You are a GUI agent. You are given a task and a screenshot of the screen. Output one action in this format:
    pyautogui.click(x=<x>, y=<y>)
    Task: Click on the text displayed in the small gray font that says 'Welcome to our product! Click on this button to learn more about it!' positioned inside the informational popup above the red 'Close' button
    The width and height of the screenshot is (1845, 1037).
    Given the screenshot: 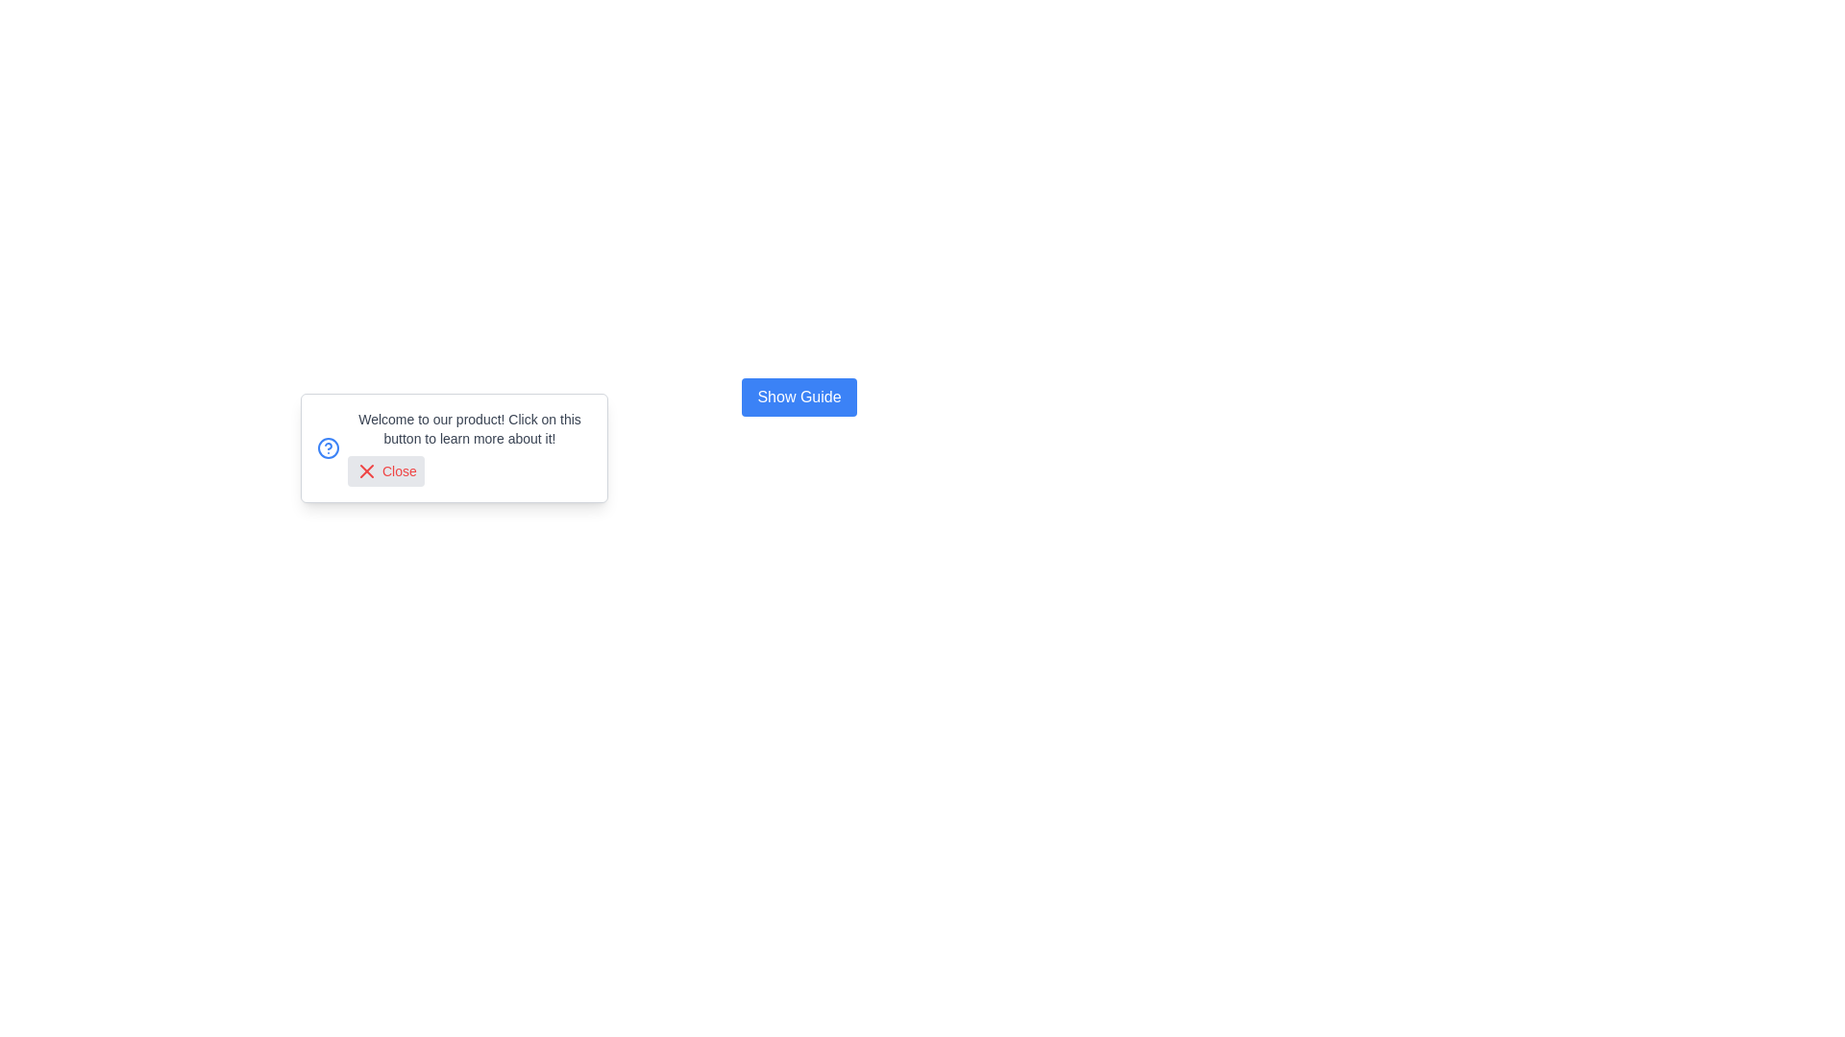 What is the action you would take?
    pyautogui.click(x=470, y=428)
    